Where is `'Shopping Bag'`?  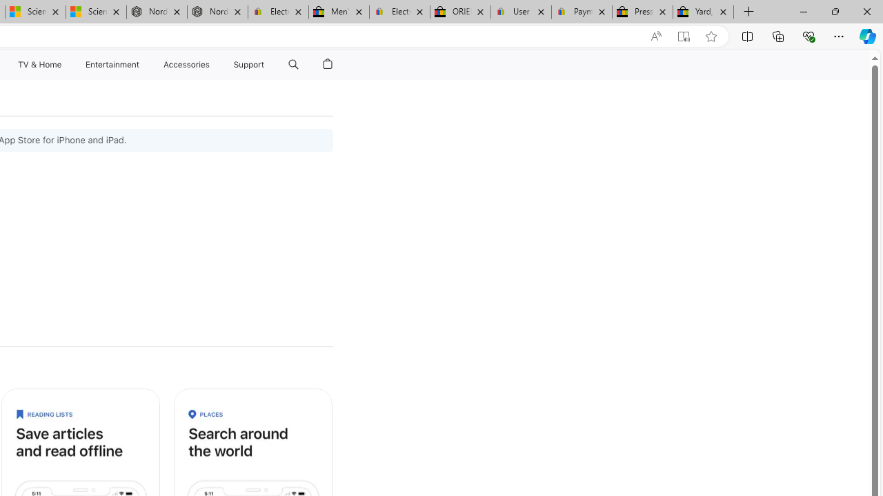
'Shopping Bag' is located at coordinates (327, 64).